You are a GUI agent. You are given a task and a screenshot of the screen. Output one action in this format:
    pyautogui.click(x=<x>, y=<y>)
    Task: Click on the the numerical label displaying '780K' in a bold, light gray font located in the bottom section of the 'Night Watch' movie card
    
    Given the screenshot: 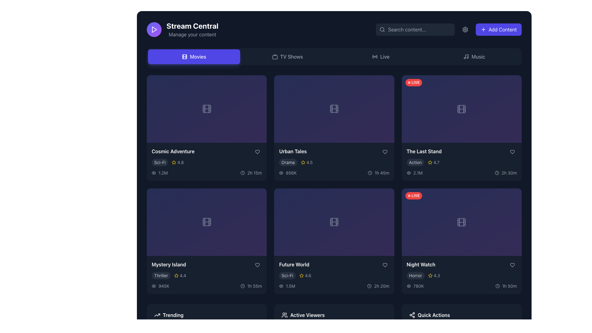 What is the action you would take?
    pyautogui.click(x=418, y=286)
    